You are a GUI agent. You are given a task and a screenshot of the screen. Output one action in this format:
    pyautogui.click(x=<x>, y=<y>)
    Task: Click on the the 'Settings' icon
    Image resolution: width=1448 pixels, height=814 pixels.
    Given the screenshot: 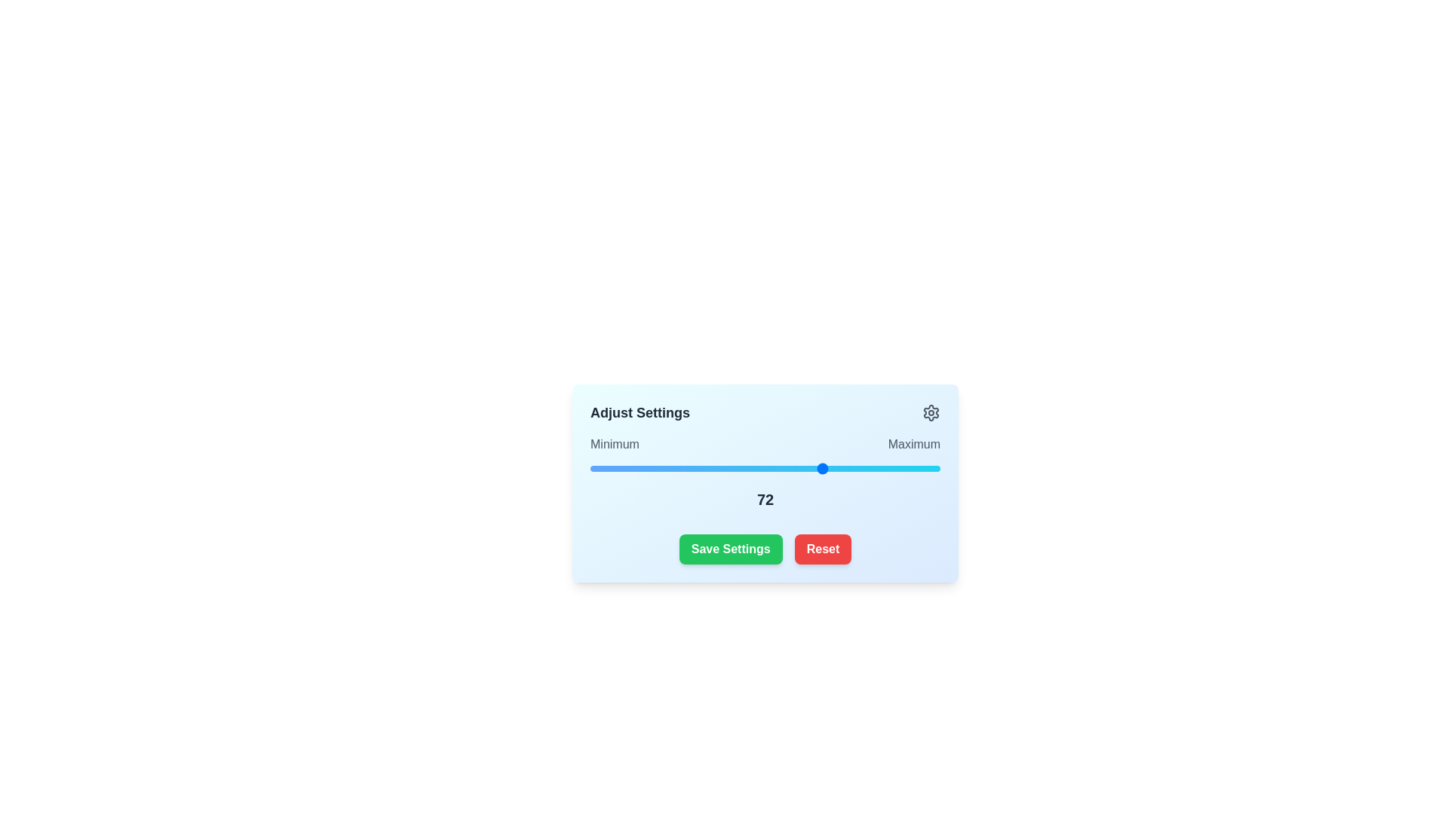 What is the action you would take?
    pyautogui.click(x=930, y=412)
    